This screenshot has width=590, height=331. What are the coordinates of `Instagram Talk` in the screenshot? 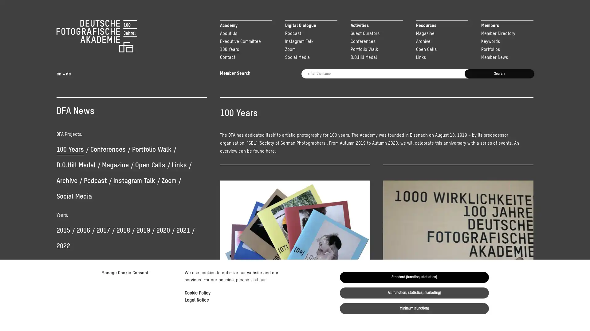 It's located at (134, 181).